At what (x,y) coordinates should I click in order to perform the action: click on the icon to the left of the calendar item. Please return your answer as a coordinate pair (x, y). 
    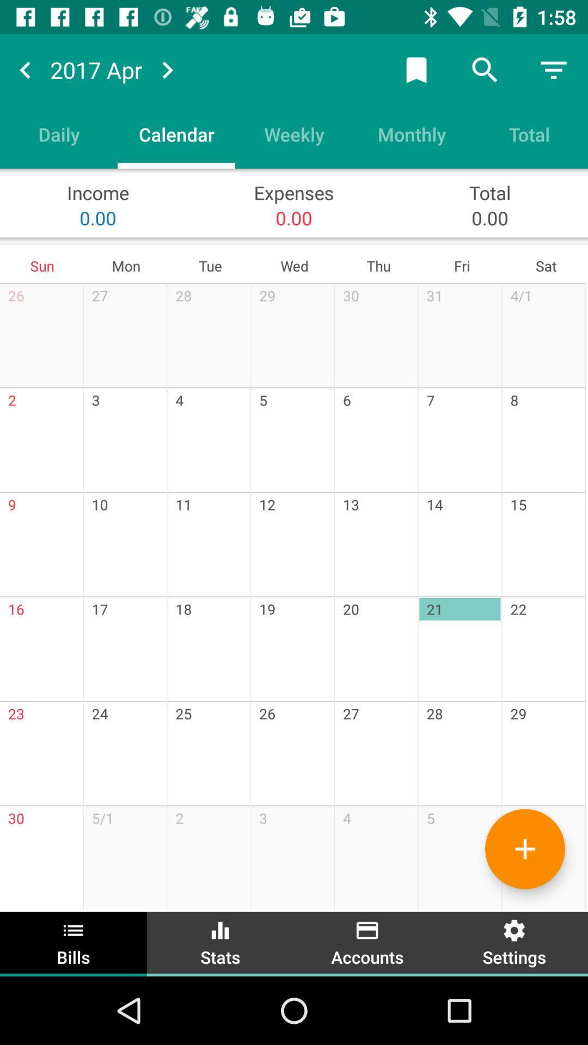
    Looking at the image, I should click on (59, 133).